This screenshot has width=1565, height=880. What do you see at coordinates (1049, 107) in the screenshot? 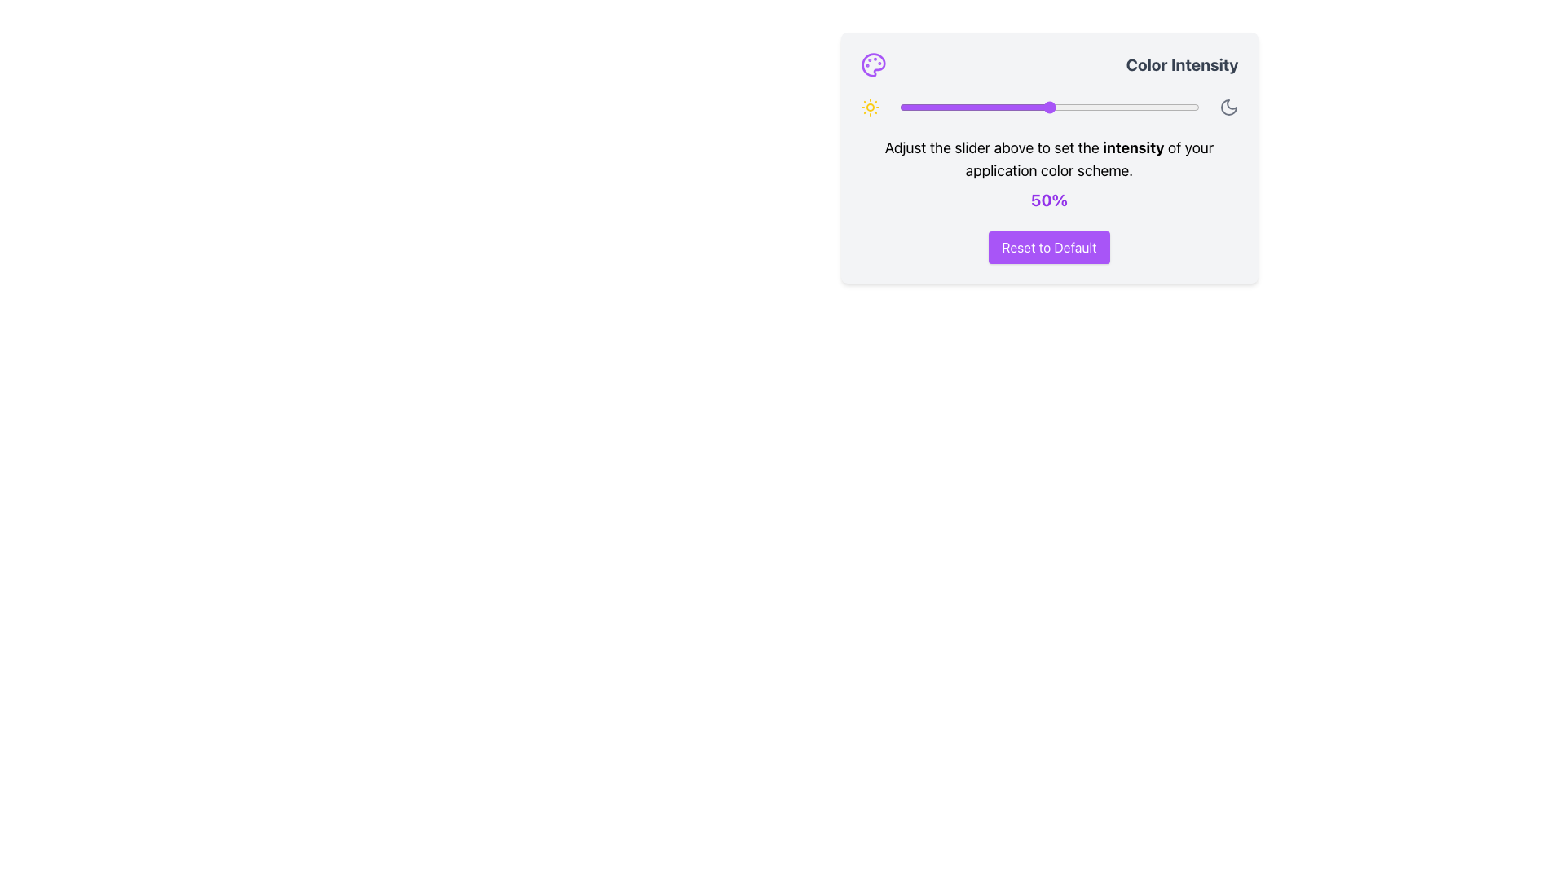
I see `the range slider located centrally between the sun icon on the left and the moon icon on the right, which allows users to adjust a value between 0 and 100` at bounding box center [1049, 107].